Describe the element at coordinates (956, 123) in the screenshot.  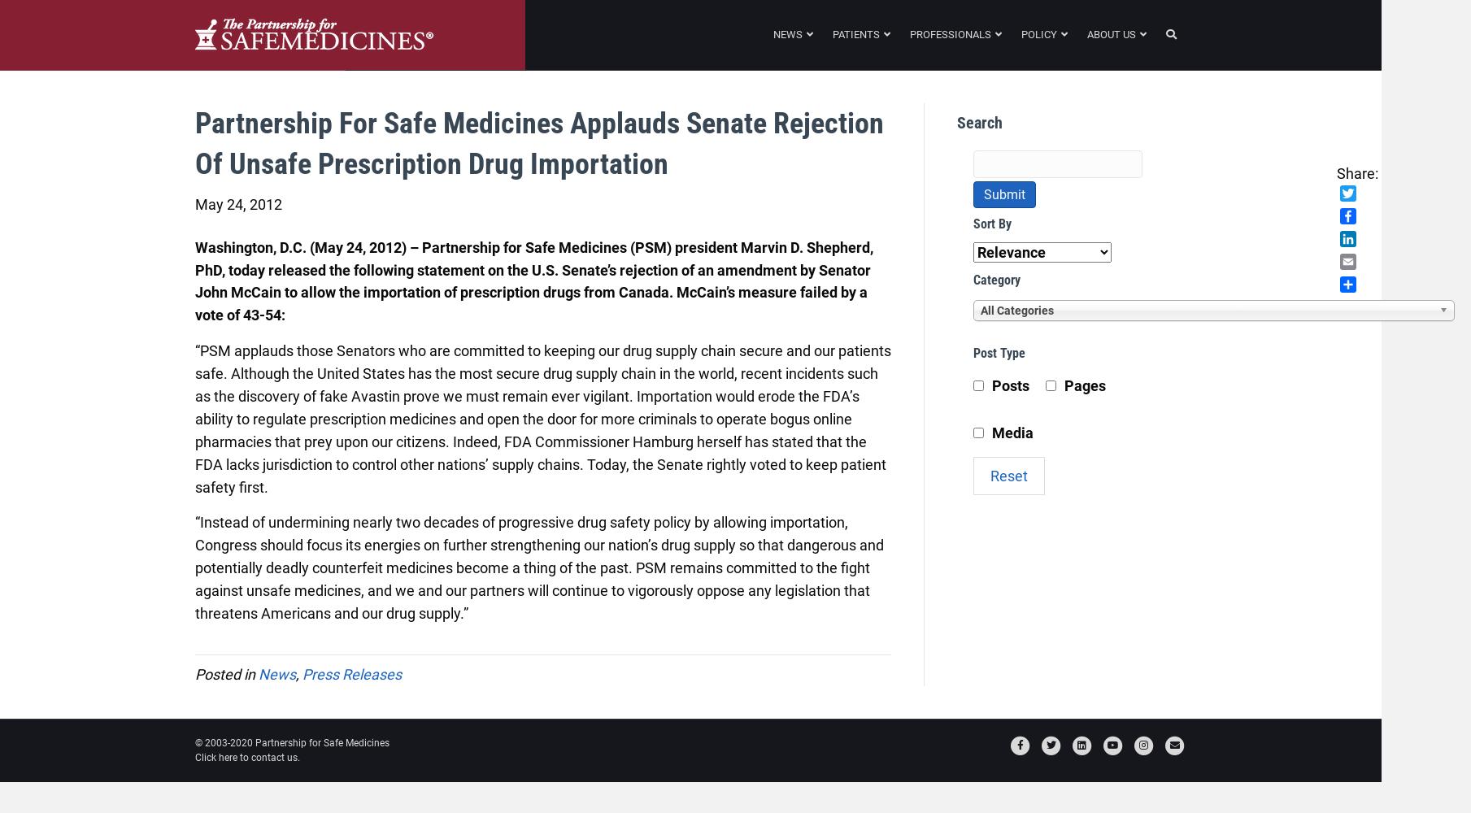
I see `'Search'` at that location.